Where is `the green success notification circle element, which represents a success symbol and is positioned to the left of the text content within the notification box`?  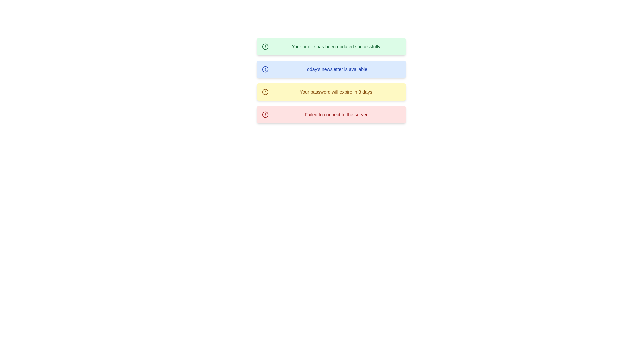
the green success notification circle element, which represents a success symbol and is positioned to the left of the text content within the notification box is located at coordinates (265, 46).